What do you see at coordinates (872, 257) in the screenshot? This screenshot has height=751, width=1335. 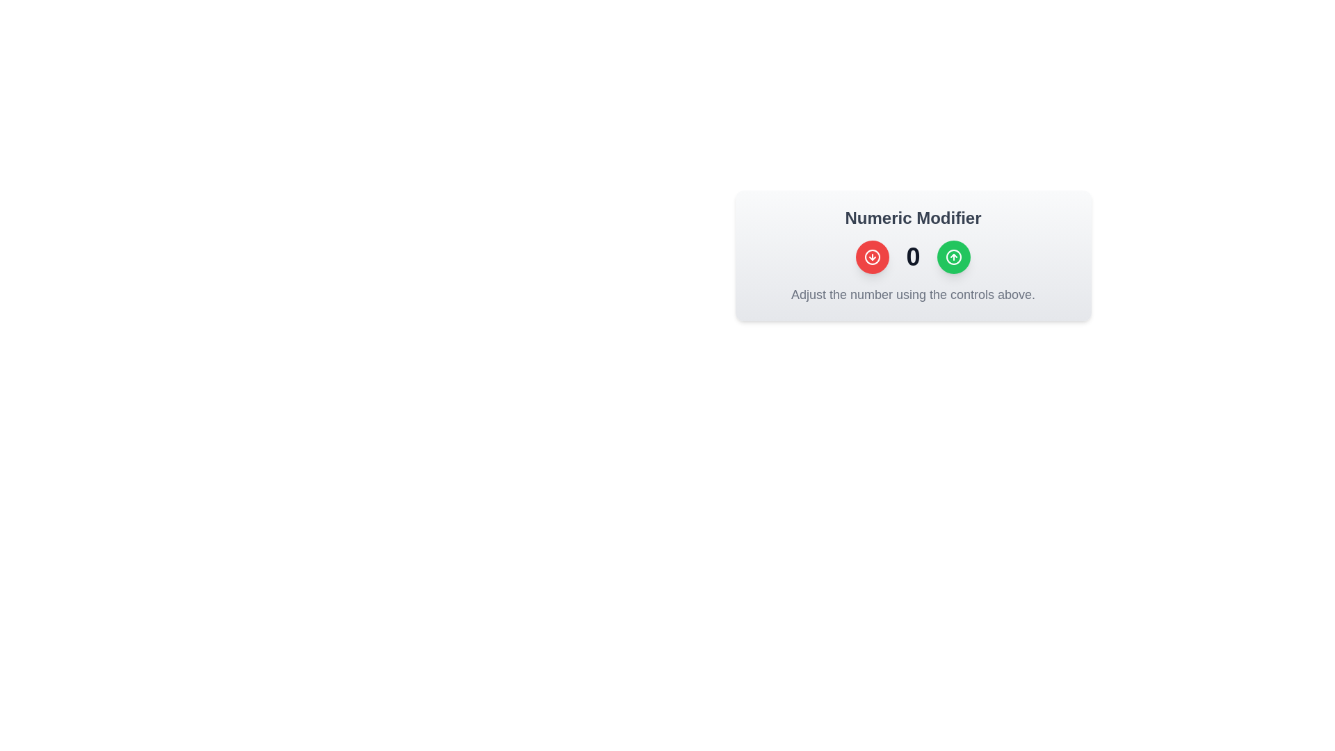 I see `the decrement button located` at bounding box center [872, 257].